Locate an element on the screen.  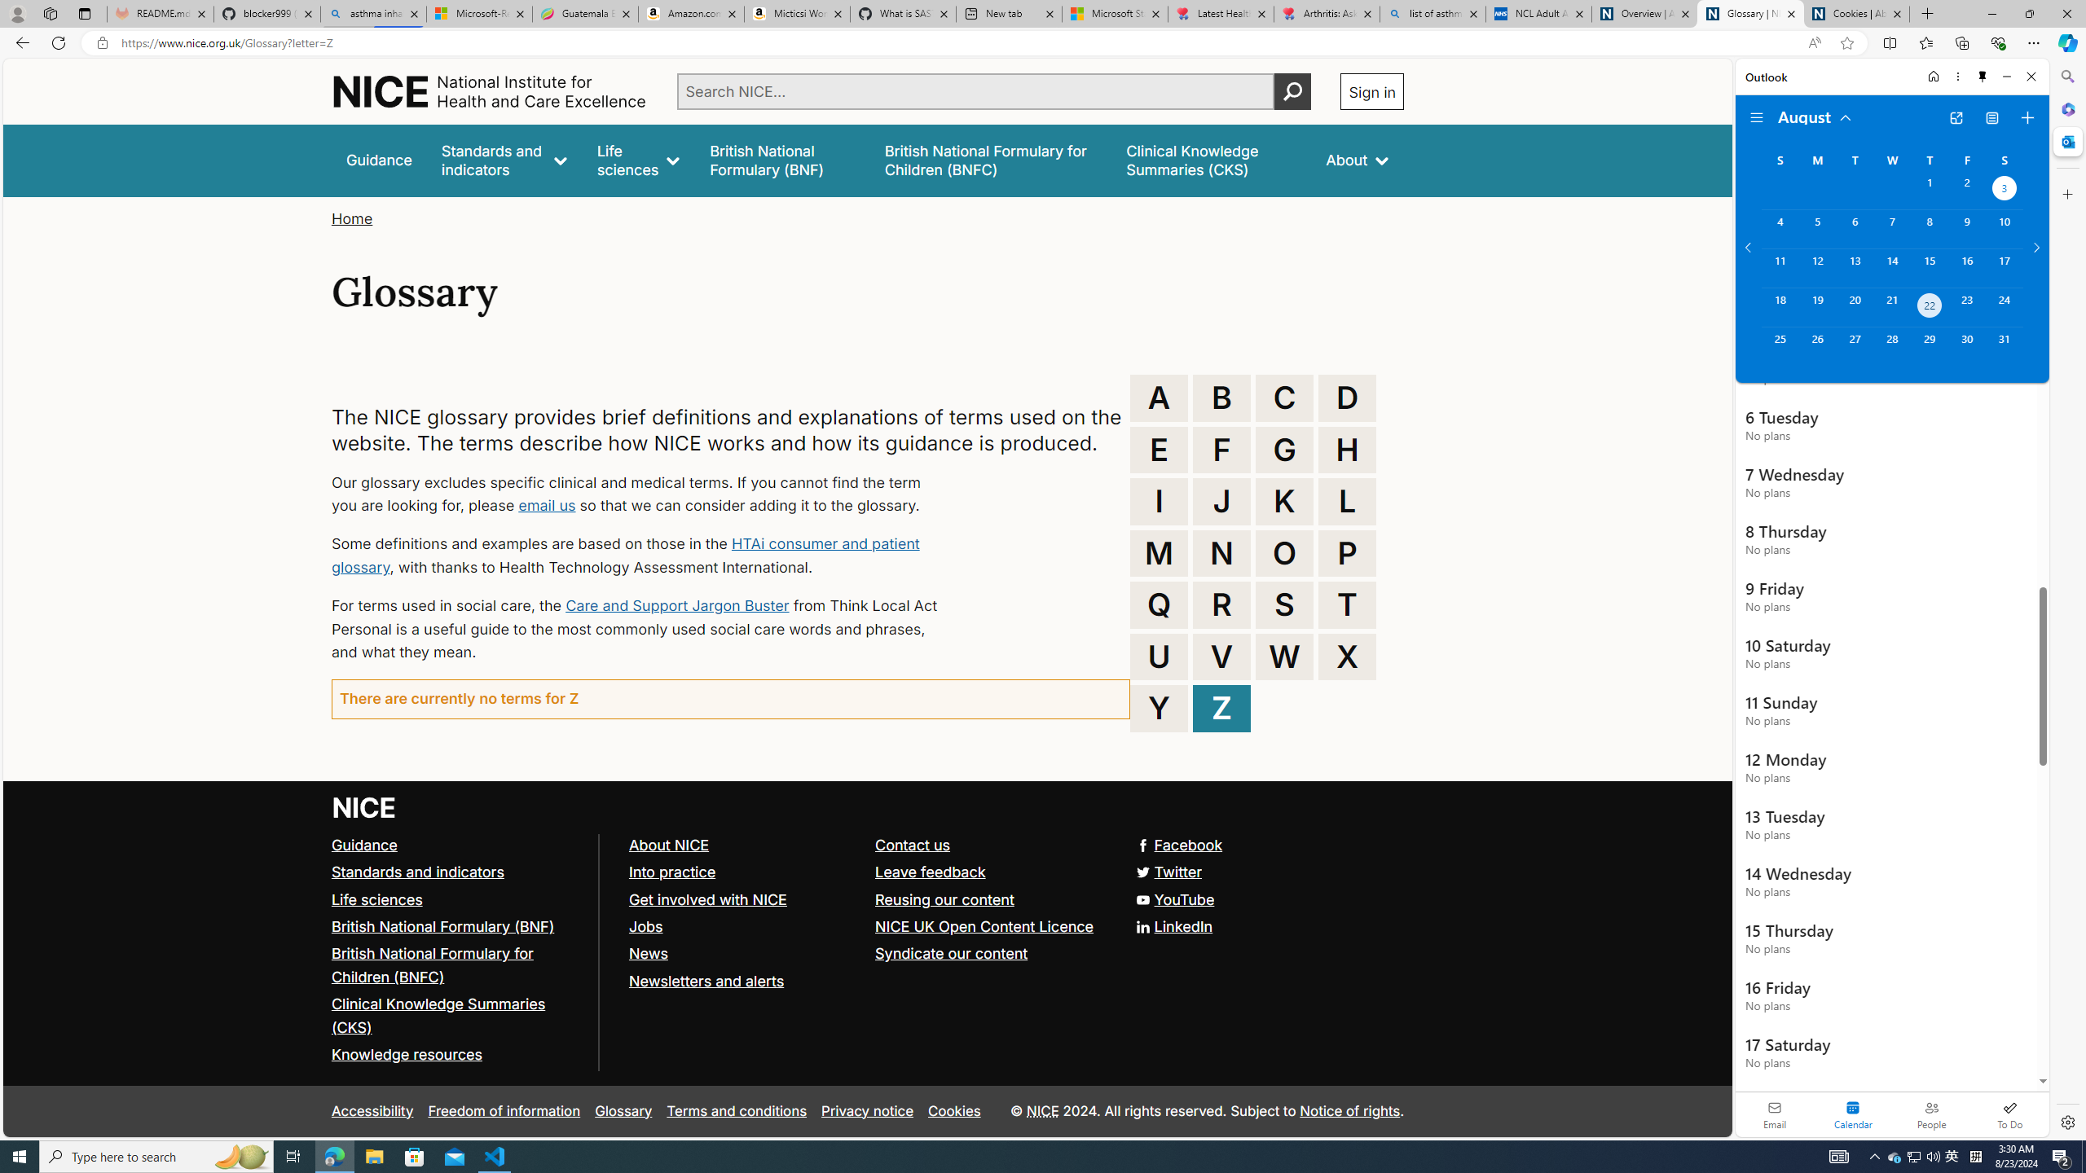
'Cookies' is located at coordinates (953, 1110).